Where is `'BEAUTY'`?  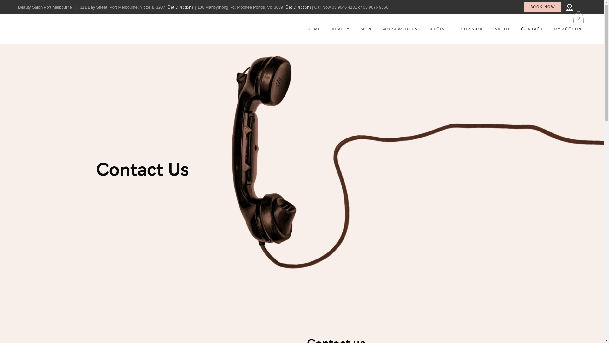
'BEAUTY' is located at coordinates (340, 29).